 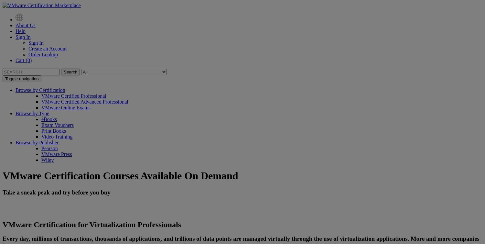 What do you see at coordinates (32, 113) in the screenshot?
I see `'Browse by Type'` at bounding box center [32, 113].